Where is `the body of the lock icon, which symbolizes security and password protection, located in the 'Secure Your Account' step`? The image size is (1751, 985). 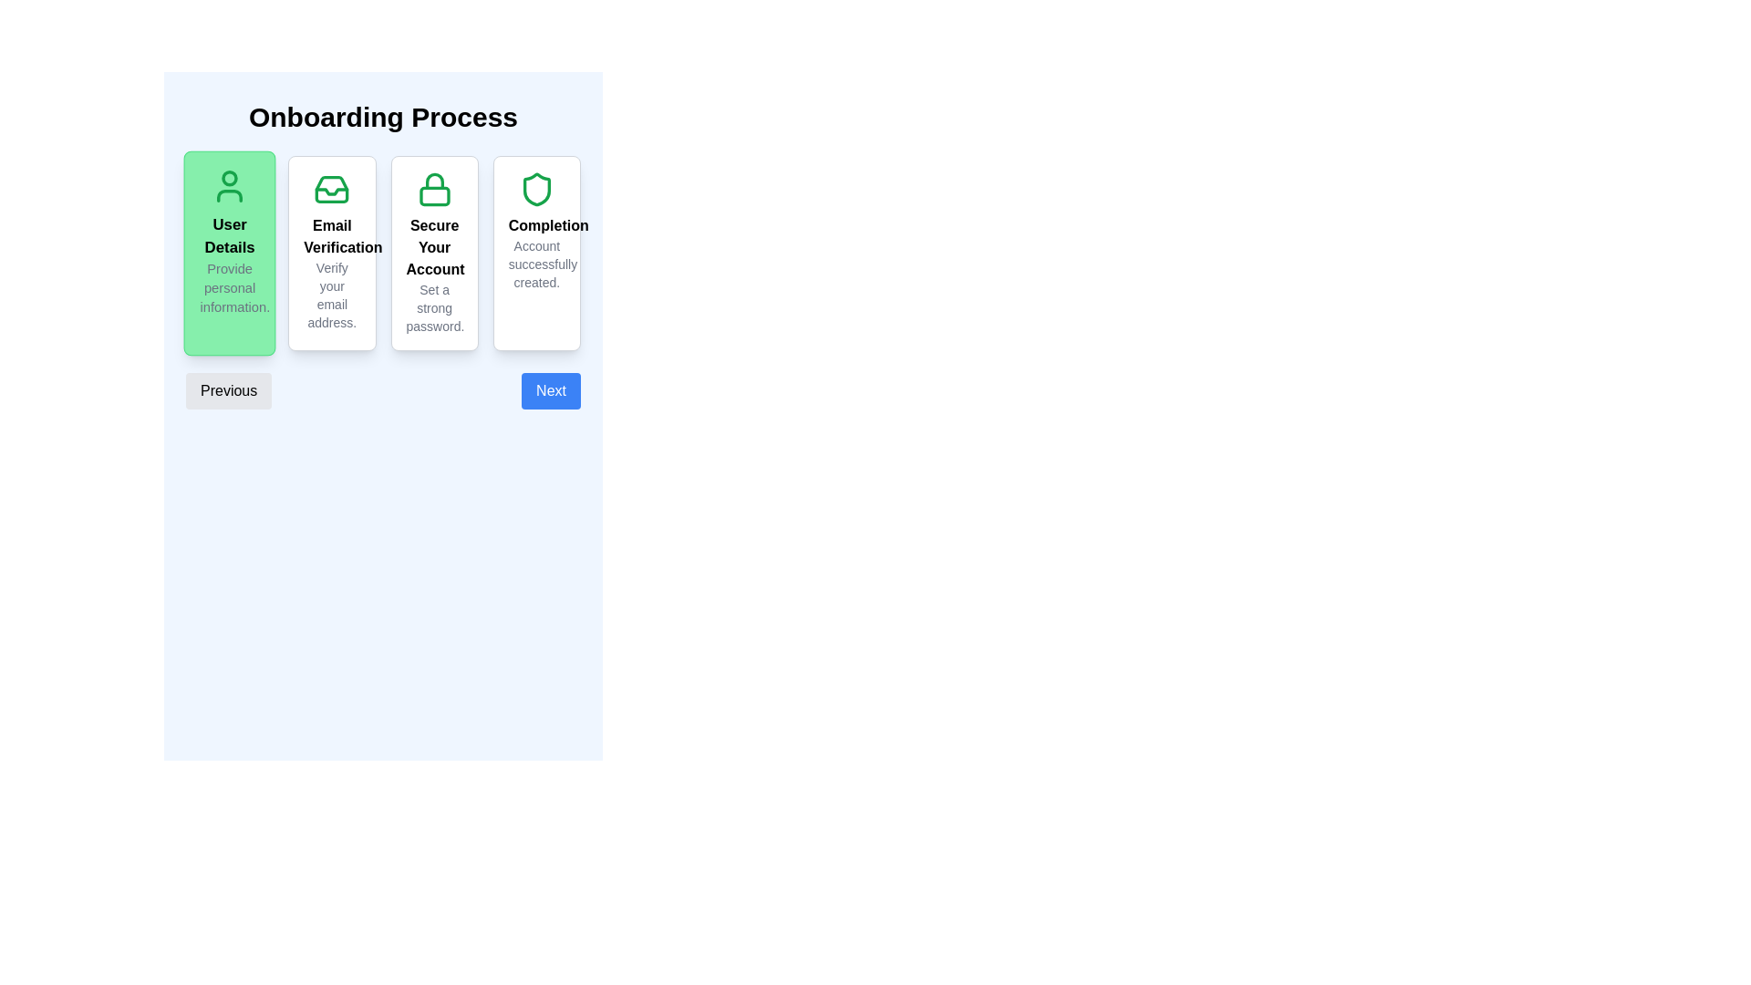 the body of the lock icon, which symbolizes security and password protection, located in the 'Secure Your Account' step is located at coordinates (433, 196).